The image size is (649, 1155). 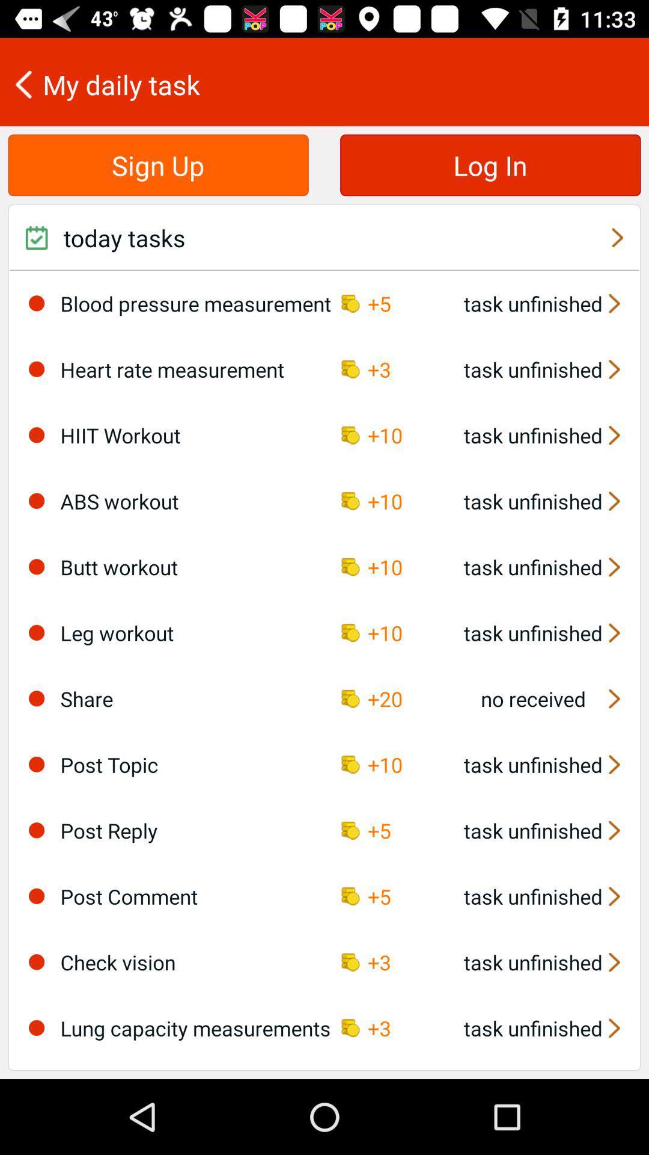 I want to click on icon below the my daily task item, so click(x=157, y=164).